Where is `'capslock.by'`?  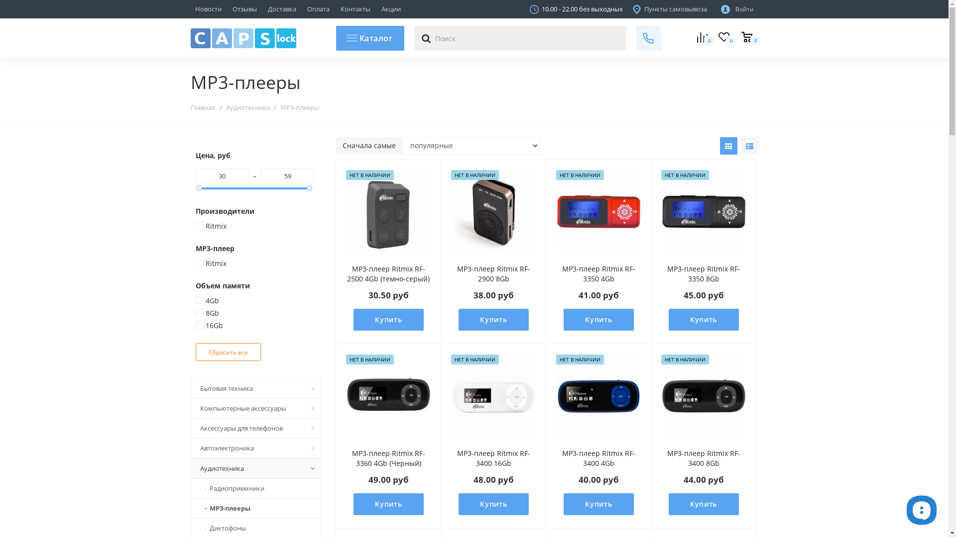 'capslock.by' is located at coordinates (243, 38).